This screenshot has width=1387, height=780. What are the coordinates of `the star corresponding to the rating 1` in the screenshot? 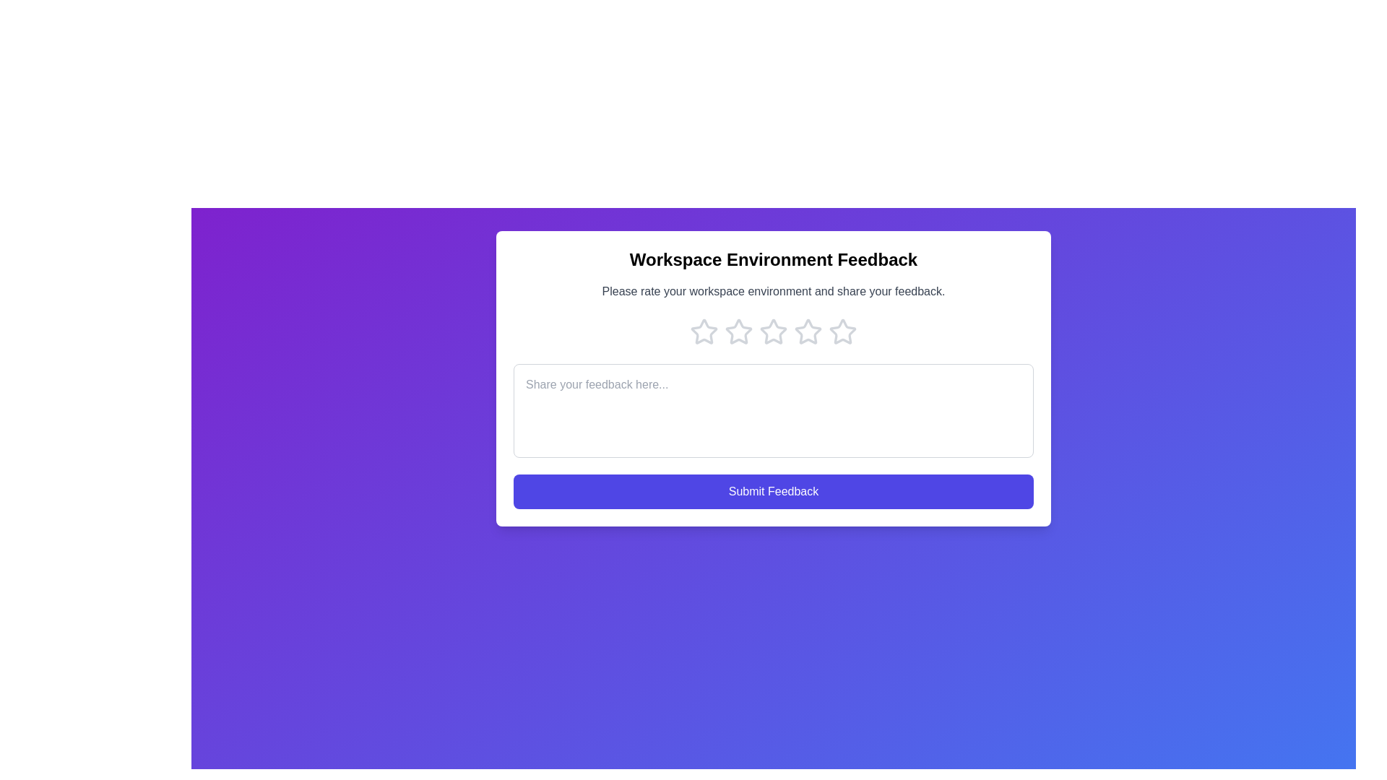 It's located at (704, 331).